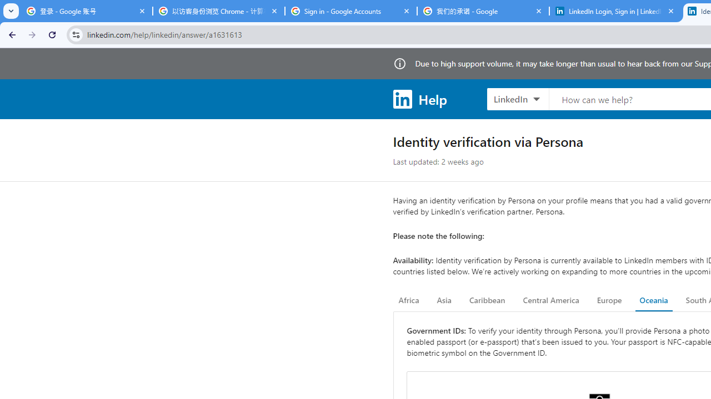 This screenshot has width=711, height=399. Describe the element at coordinates (487, 300) in the screenshot. I see `'Caribbean'` at that location.